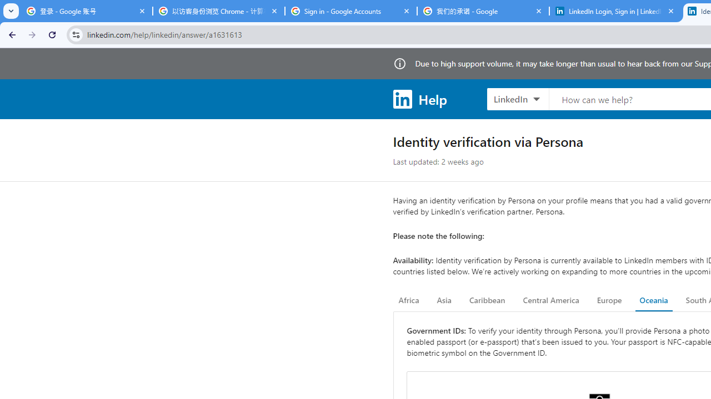 This screenshot has width=711, height=399. Describe the element at coordinates (487, 300) in the screenshot. I see `'Caribbean'` at that location.